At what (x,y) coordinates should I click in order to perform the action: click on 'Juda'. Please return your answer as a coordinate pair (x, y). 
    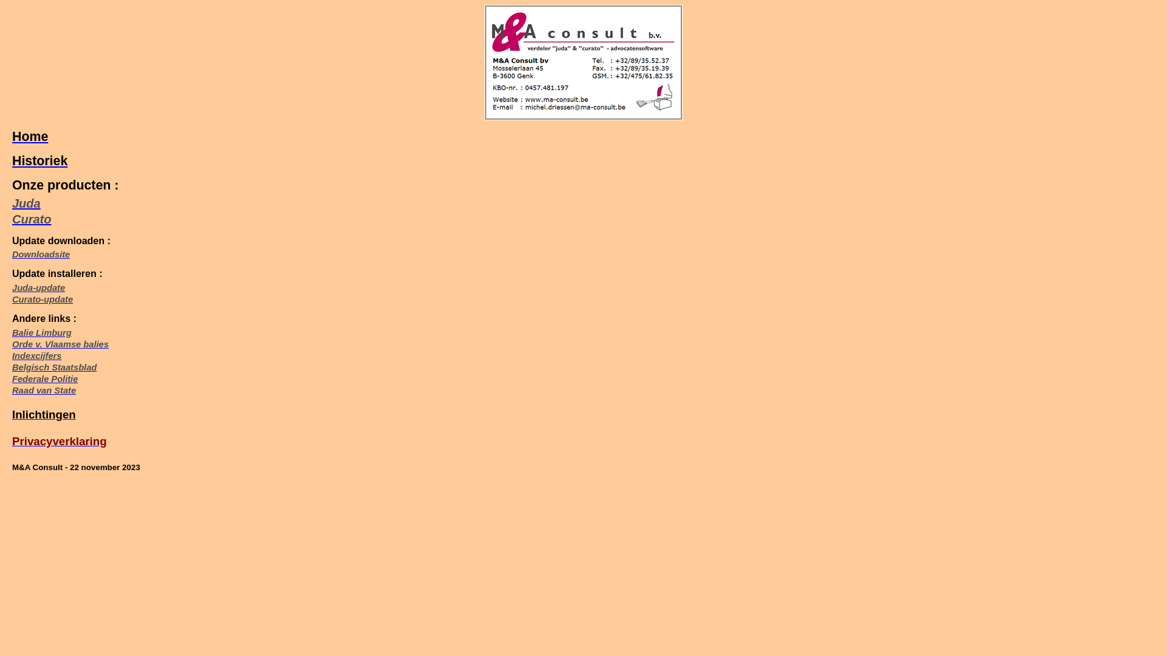
    Looking at the image, I should click on (26, 203).